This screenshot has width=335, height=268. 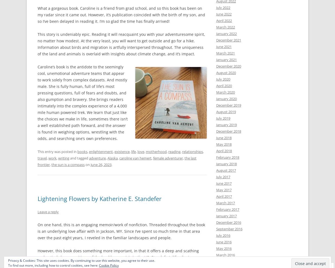 I want to click on 'January 2021', so click(x=226, y=60).